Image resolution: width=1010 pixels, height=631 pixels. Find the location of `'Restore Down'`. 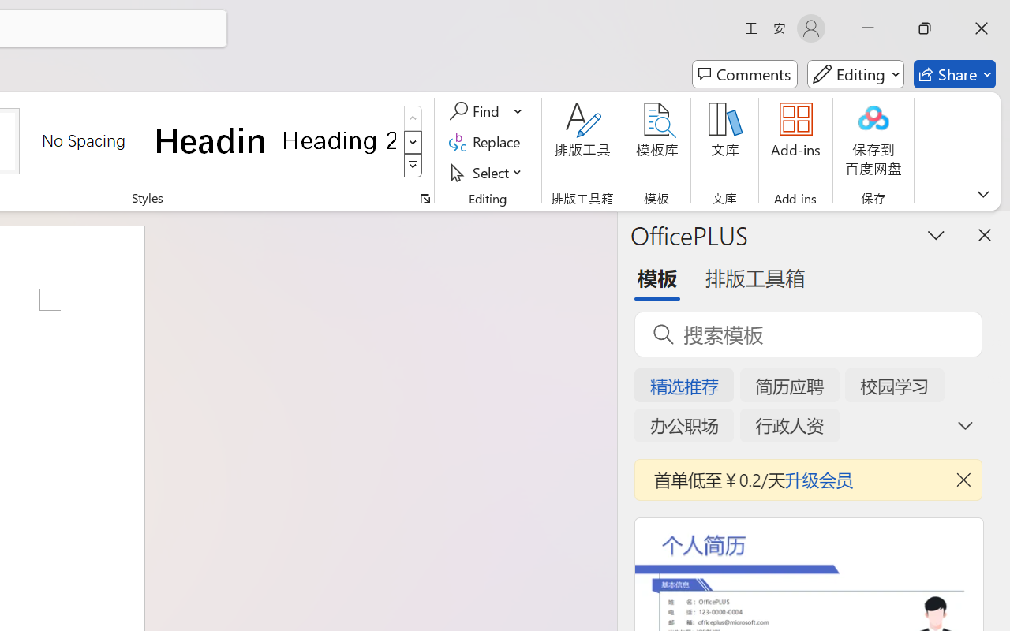

'Restore Down' is located at coordinates (925, 28).